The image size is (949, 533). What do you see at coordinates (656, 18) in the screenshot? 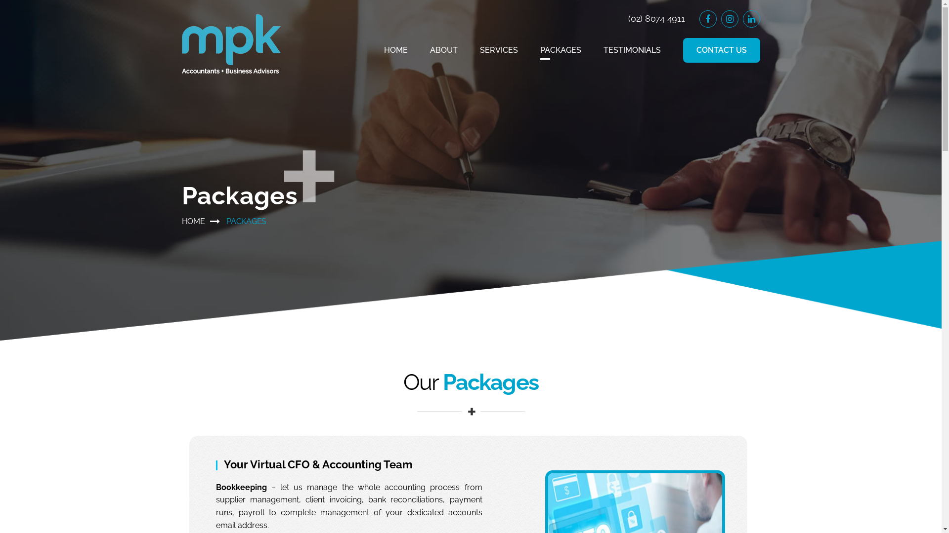
I see `'(02) 8074 4911'` at bounding box center [656, 18].